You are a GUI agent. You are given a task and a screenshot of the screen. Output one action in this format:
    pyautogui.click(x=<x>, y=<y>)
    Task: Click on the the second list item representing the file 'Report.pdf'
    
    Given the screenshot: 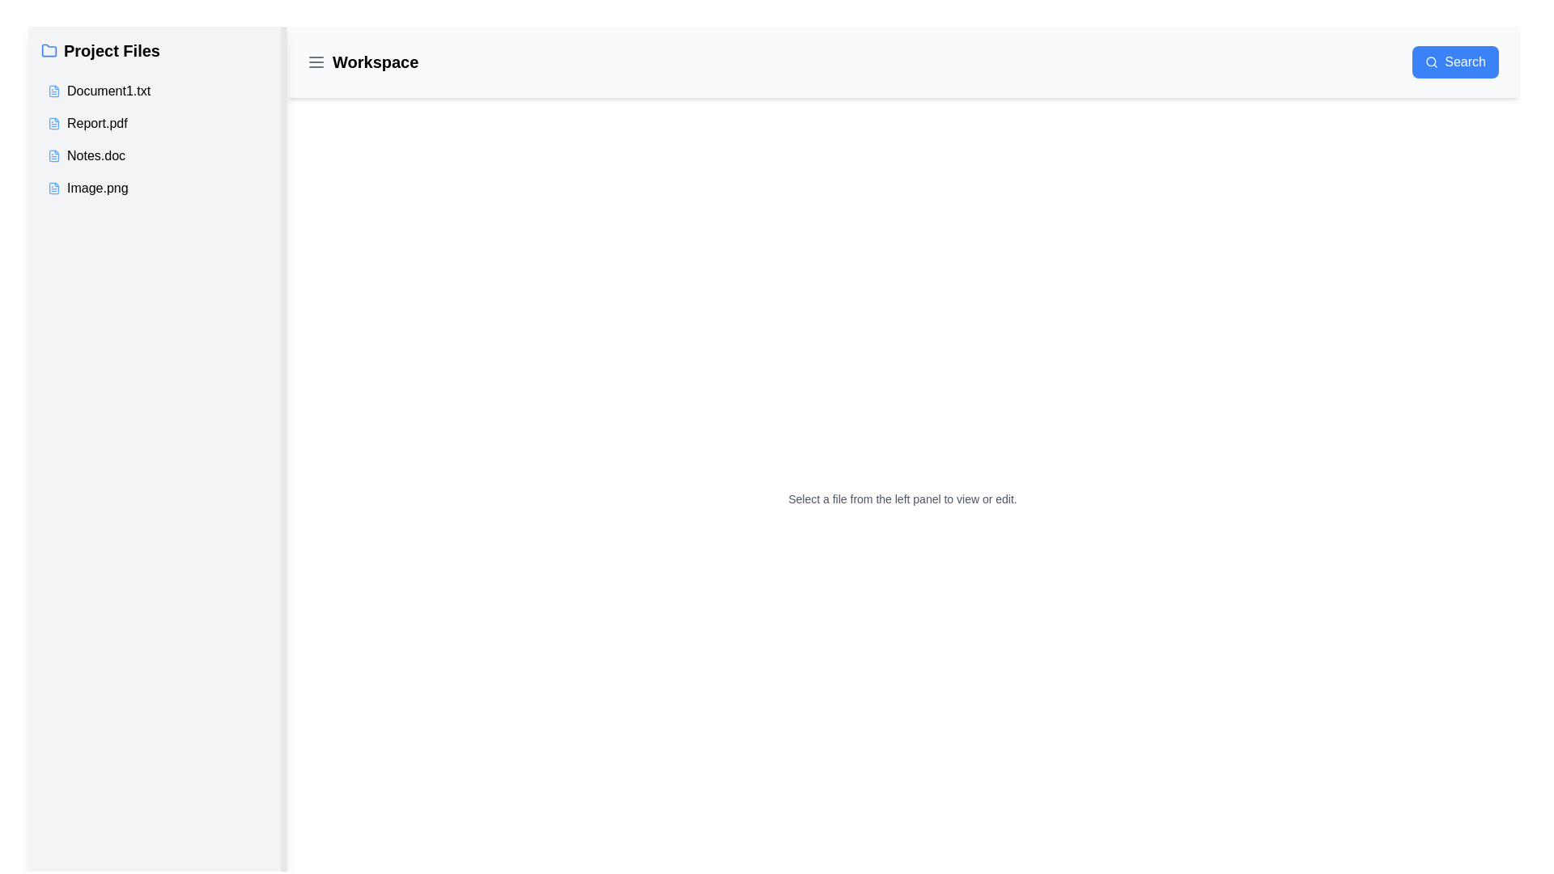 What is the action you would take?
    pyautogui.click(x=158, y=139)
    